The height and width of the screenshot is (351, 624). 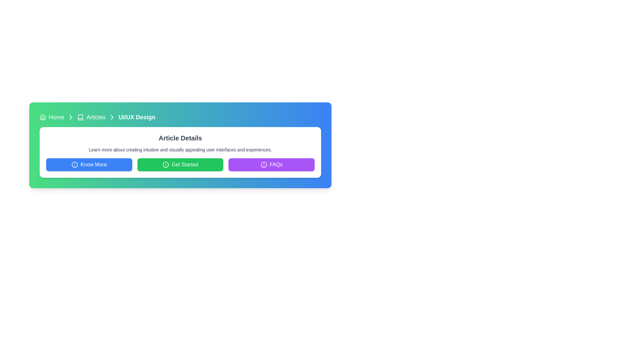 What do you see at coordinates (43, 116) in the screenshot?
I see `the 'Home' icon in the navigation bar, which resembles a house with a triangular roof and a square base` at bounding box center [43, 116].